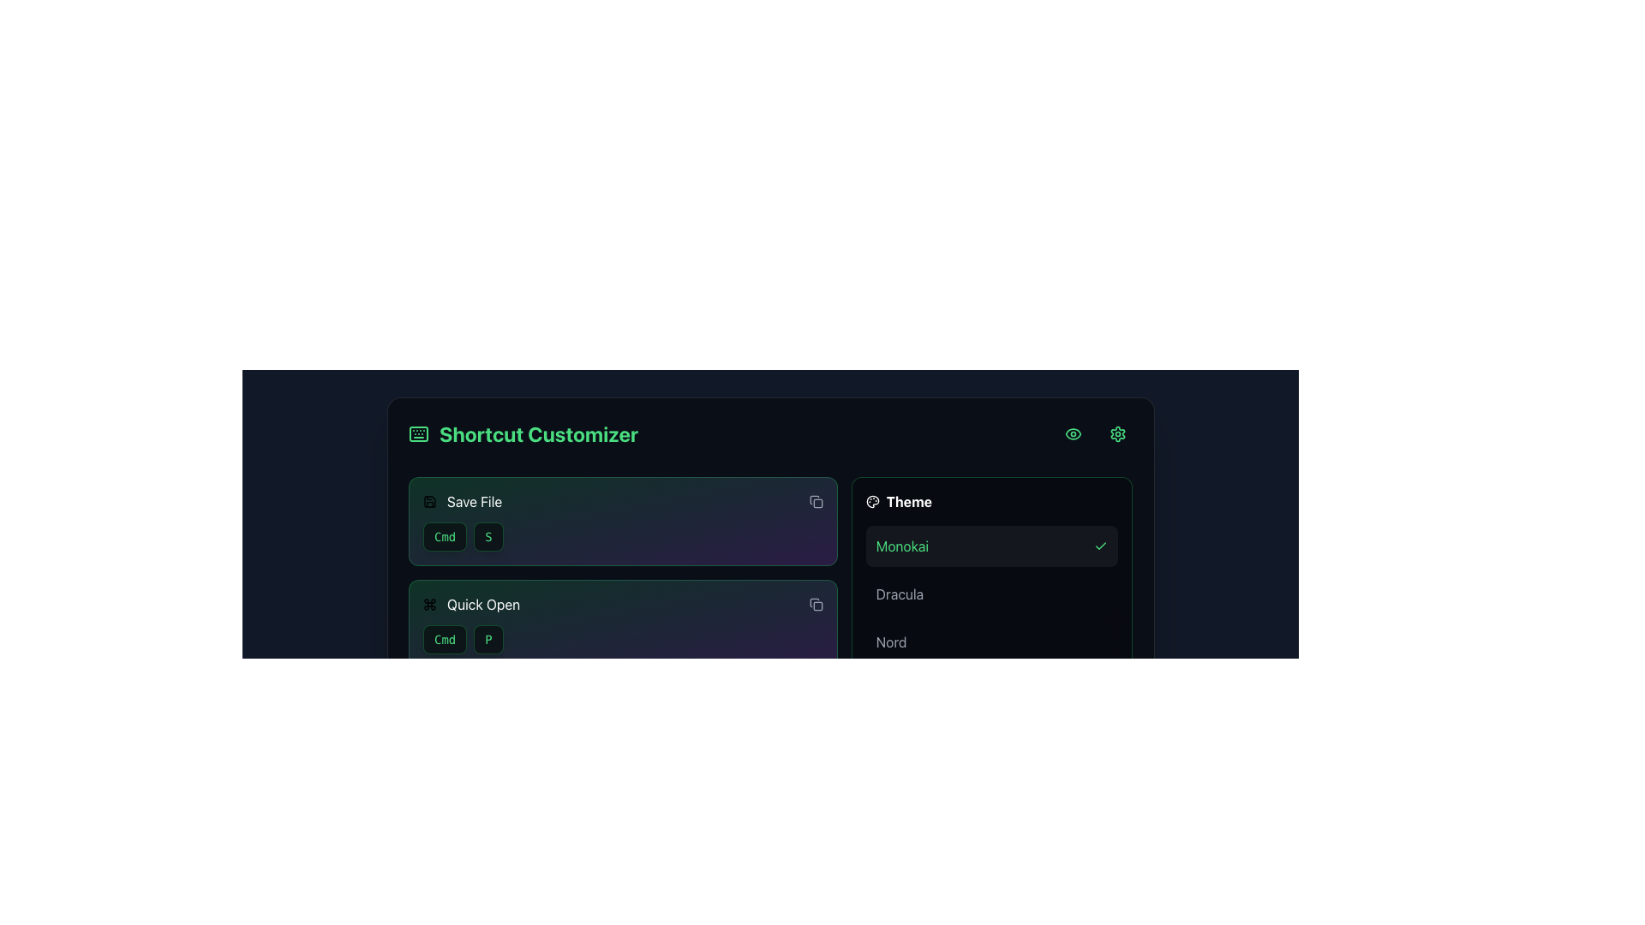  Describe the element at coordinates (445, 640) in the screenshot. I see `the first button in the 'Quick Open' section, which has a black semi-transparent background and green text displaying 'Cmd'` at that location.